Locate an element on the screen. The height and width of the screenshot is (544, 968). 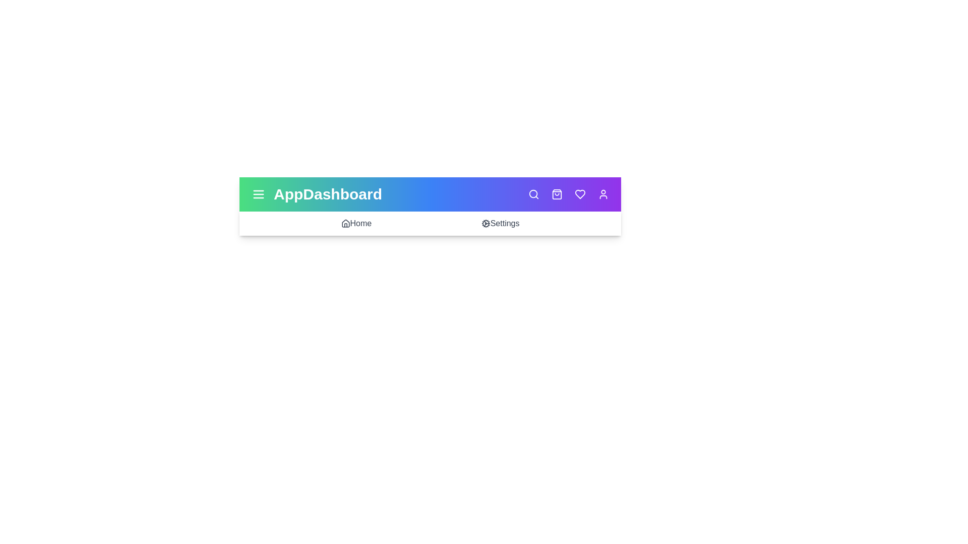
the shopping bag icon to open the shopping bag section is located at coordinates (556, 194).